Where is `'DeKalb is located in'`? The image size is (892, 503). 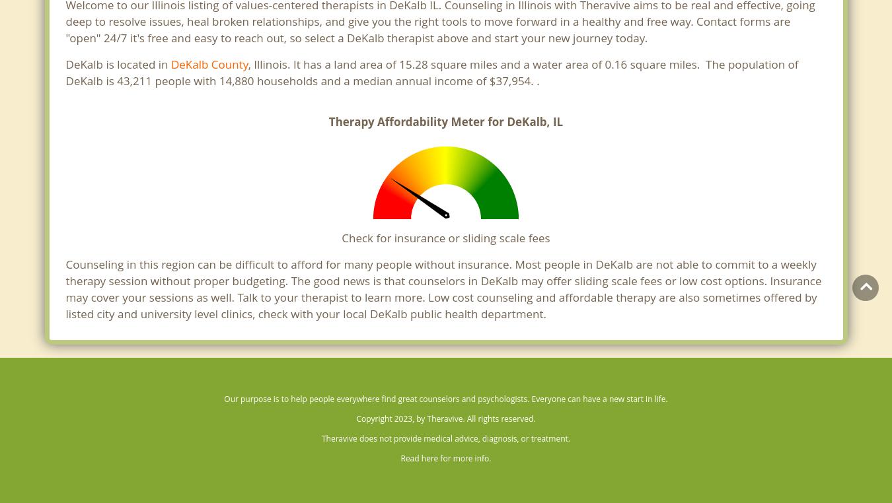
'DeKalb is located in' is located at coordinates (118, 64).